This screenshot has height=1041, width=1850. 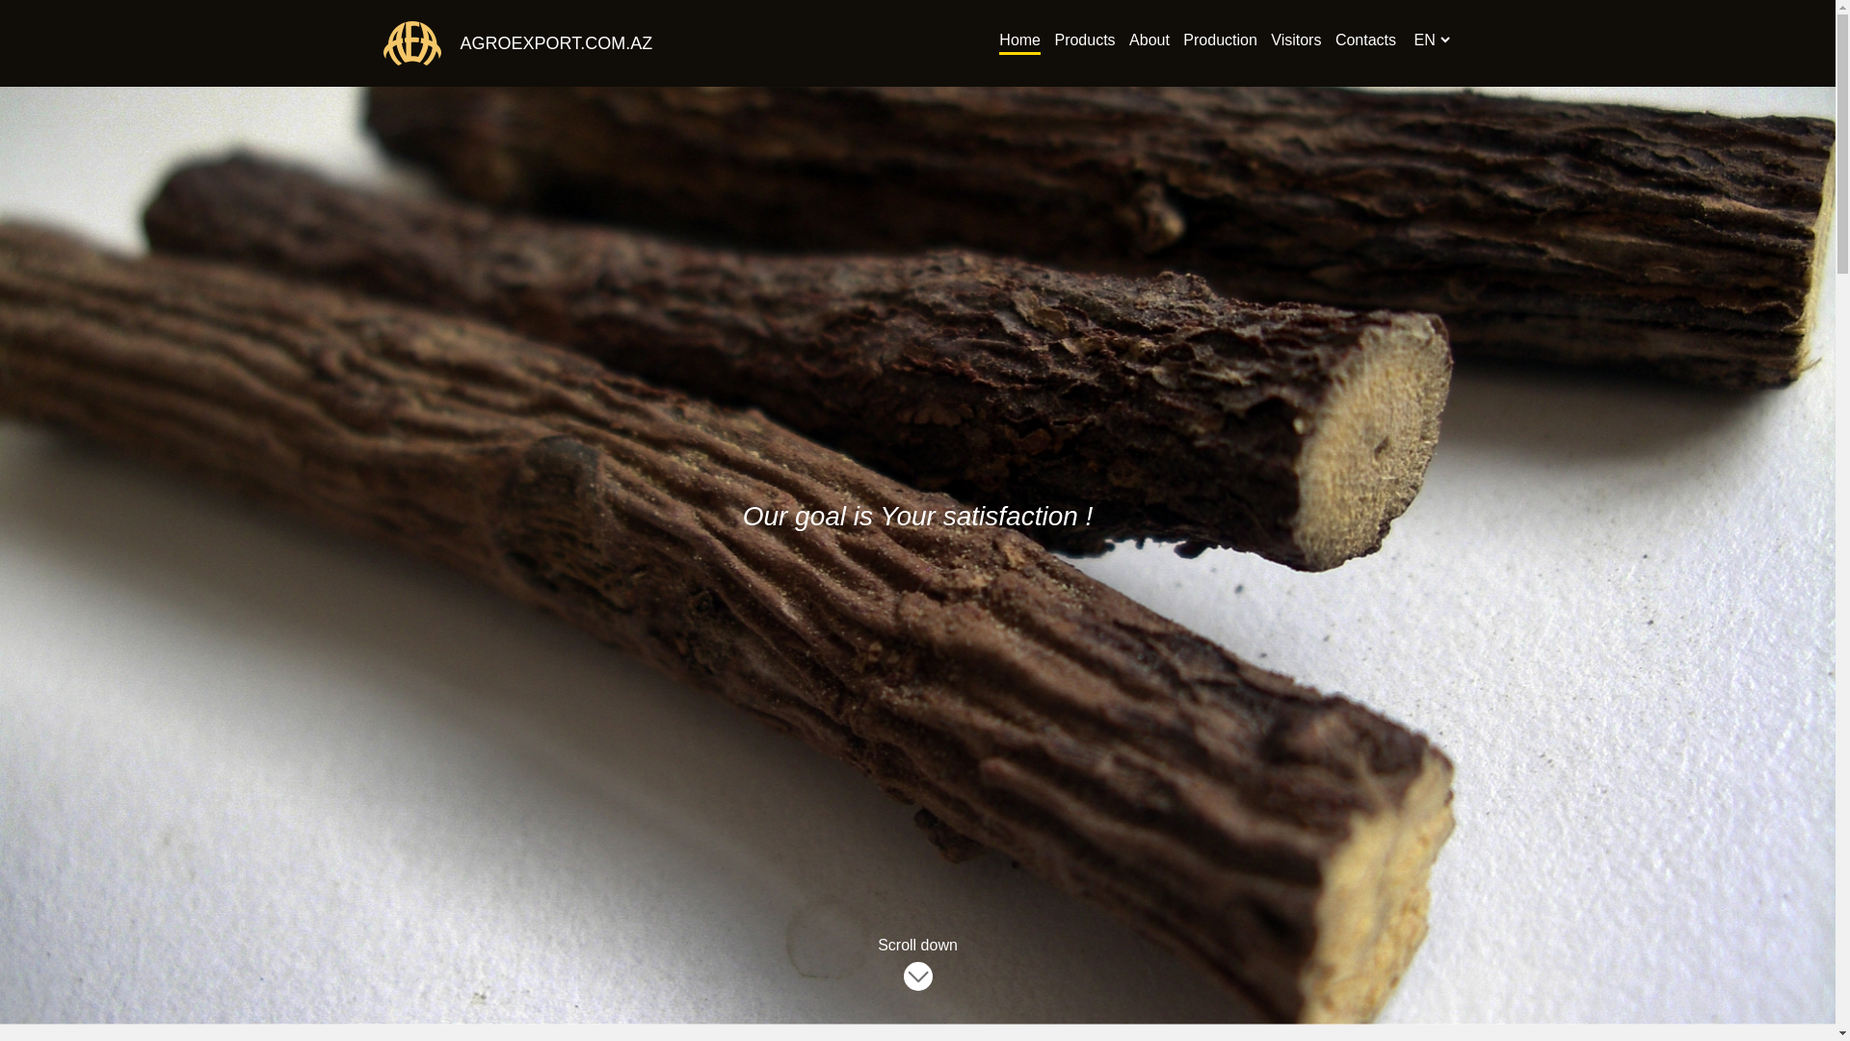 I want to click on 'About', so click(x=1150, y=41).